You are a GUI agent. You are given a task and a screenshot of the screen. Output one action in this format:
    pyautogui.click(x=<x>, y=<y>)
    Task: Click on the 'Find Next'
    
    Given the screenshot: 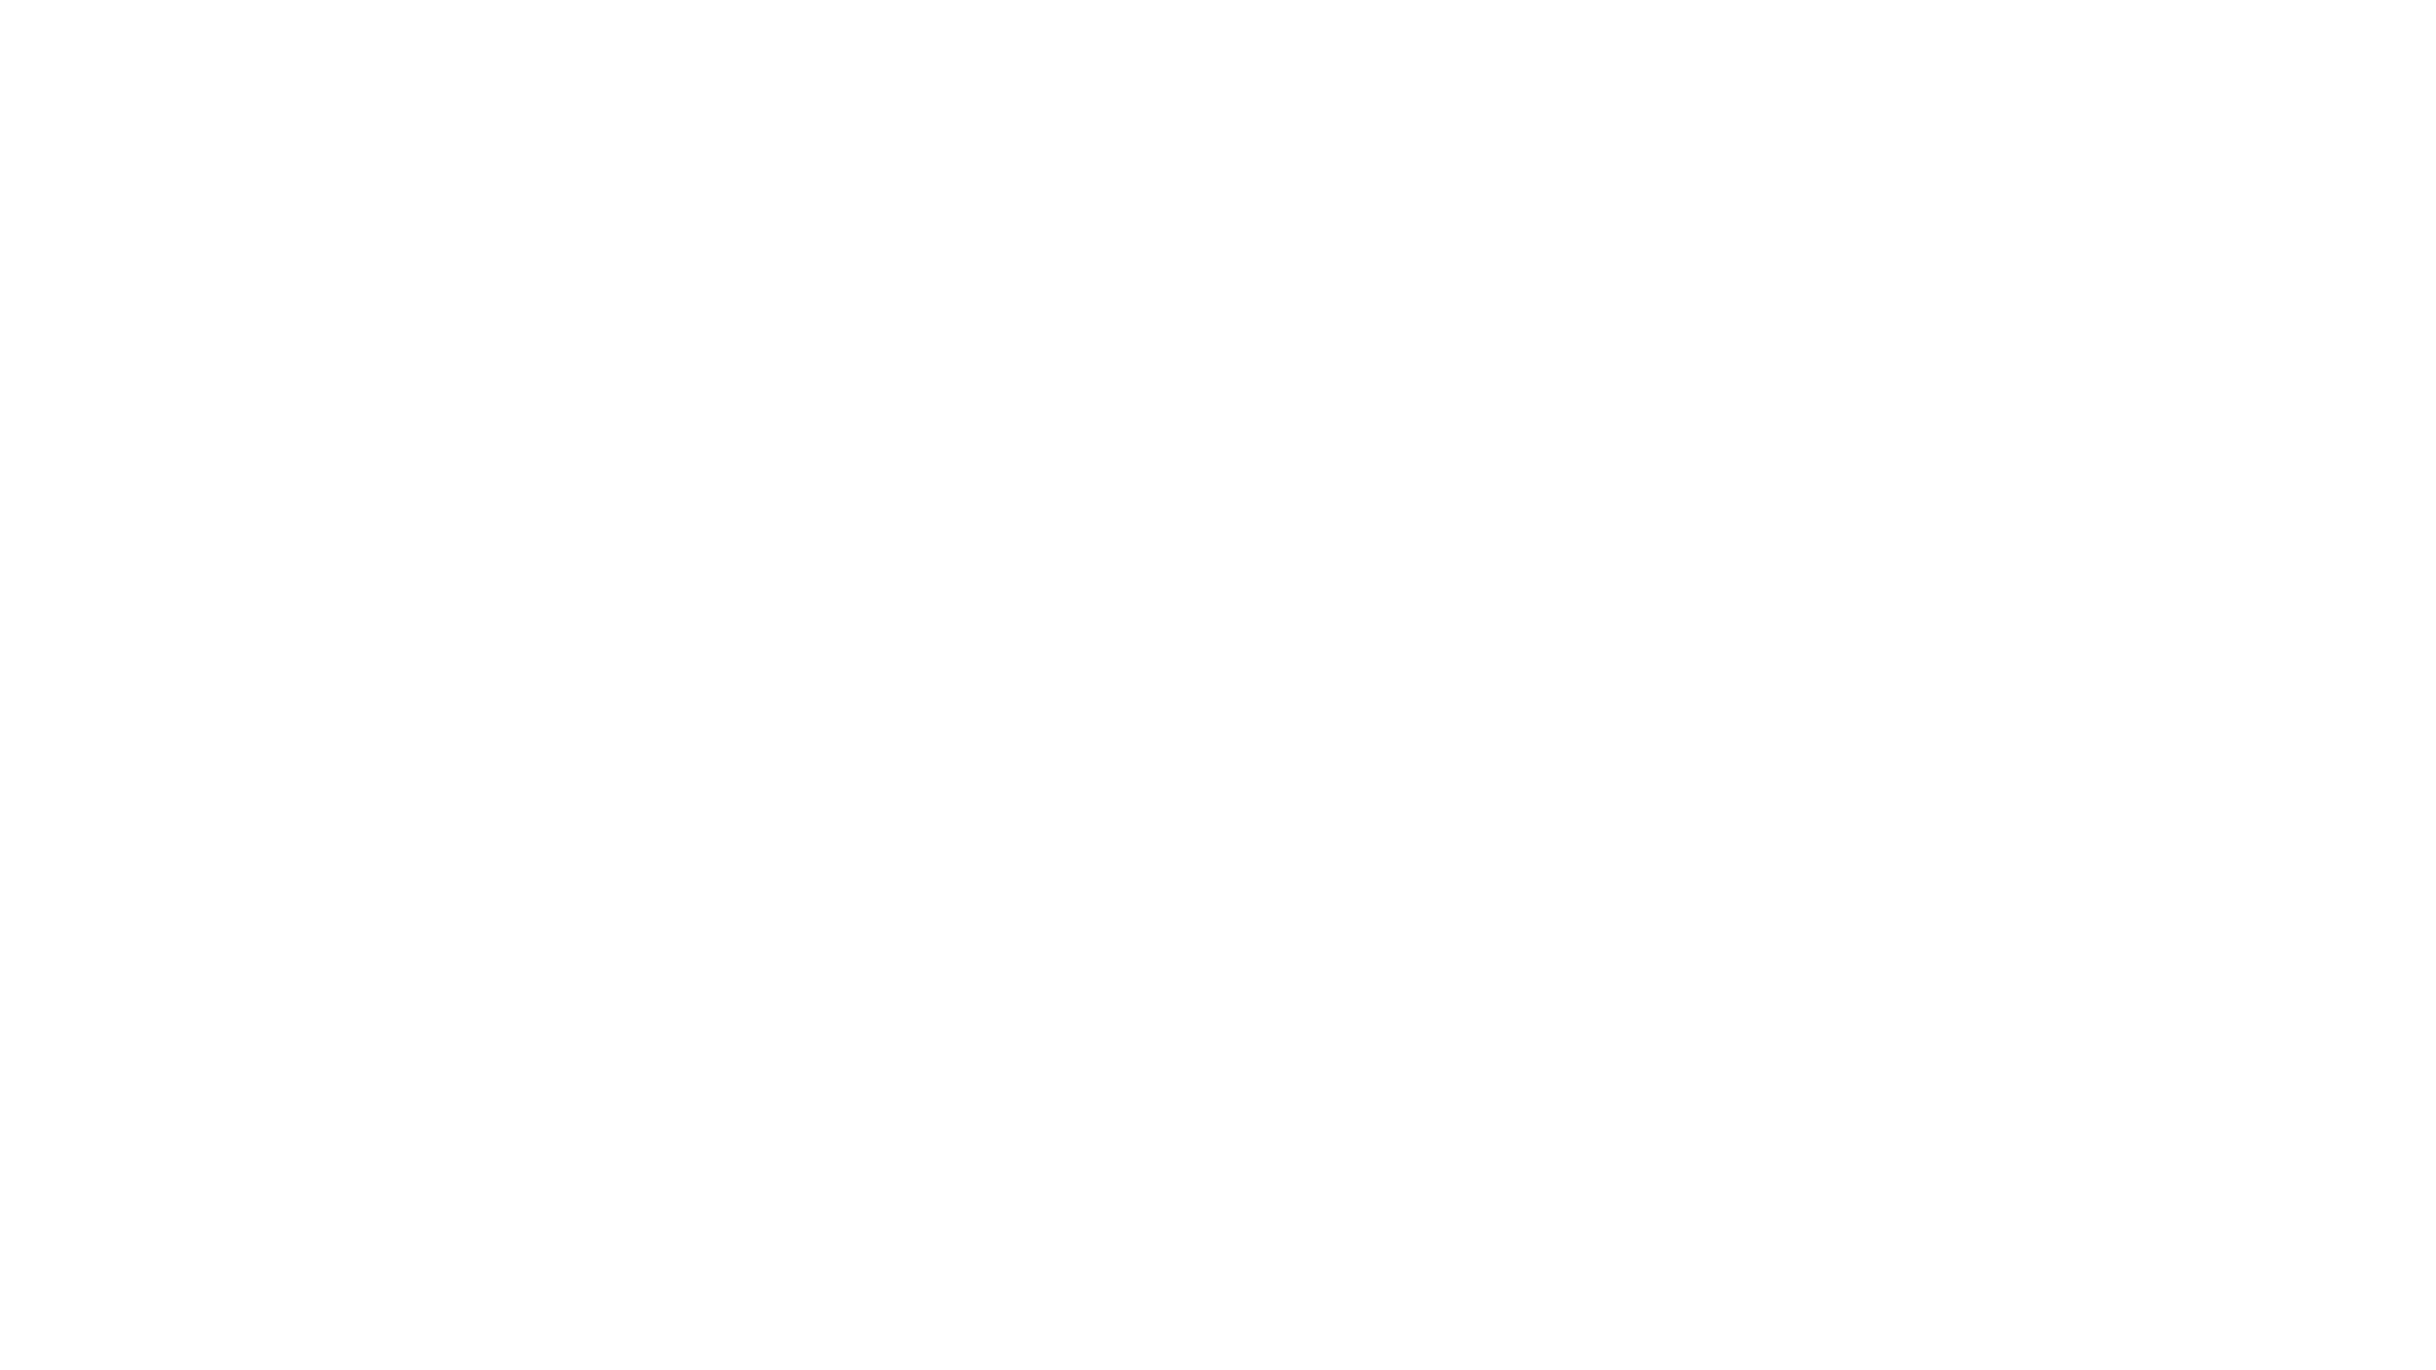 What is the action you would take?
    pyautogui.click(x=1258, y=43)
    